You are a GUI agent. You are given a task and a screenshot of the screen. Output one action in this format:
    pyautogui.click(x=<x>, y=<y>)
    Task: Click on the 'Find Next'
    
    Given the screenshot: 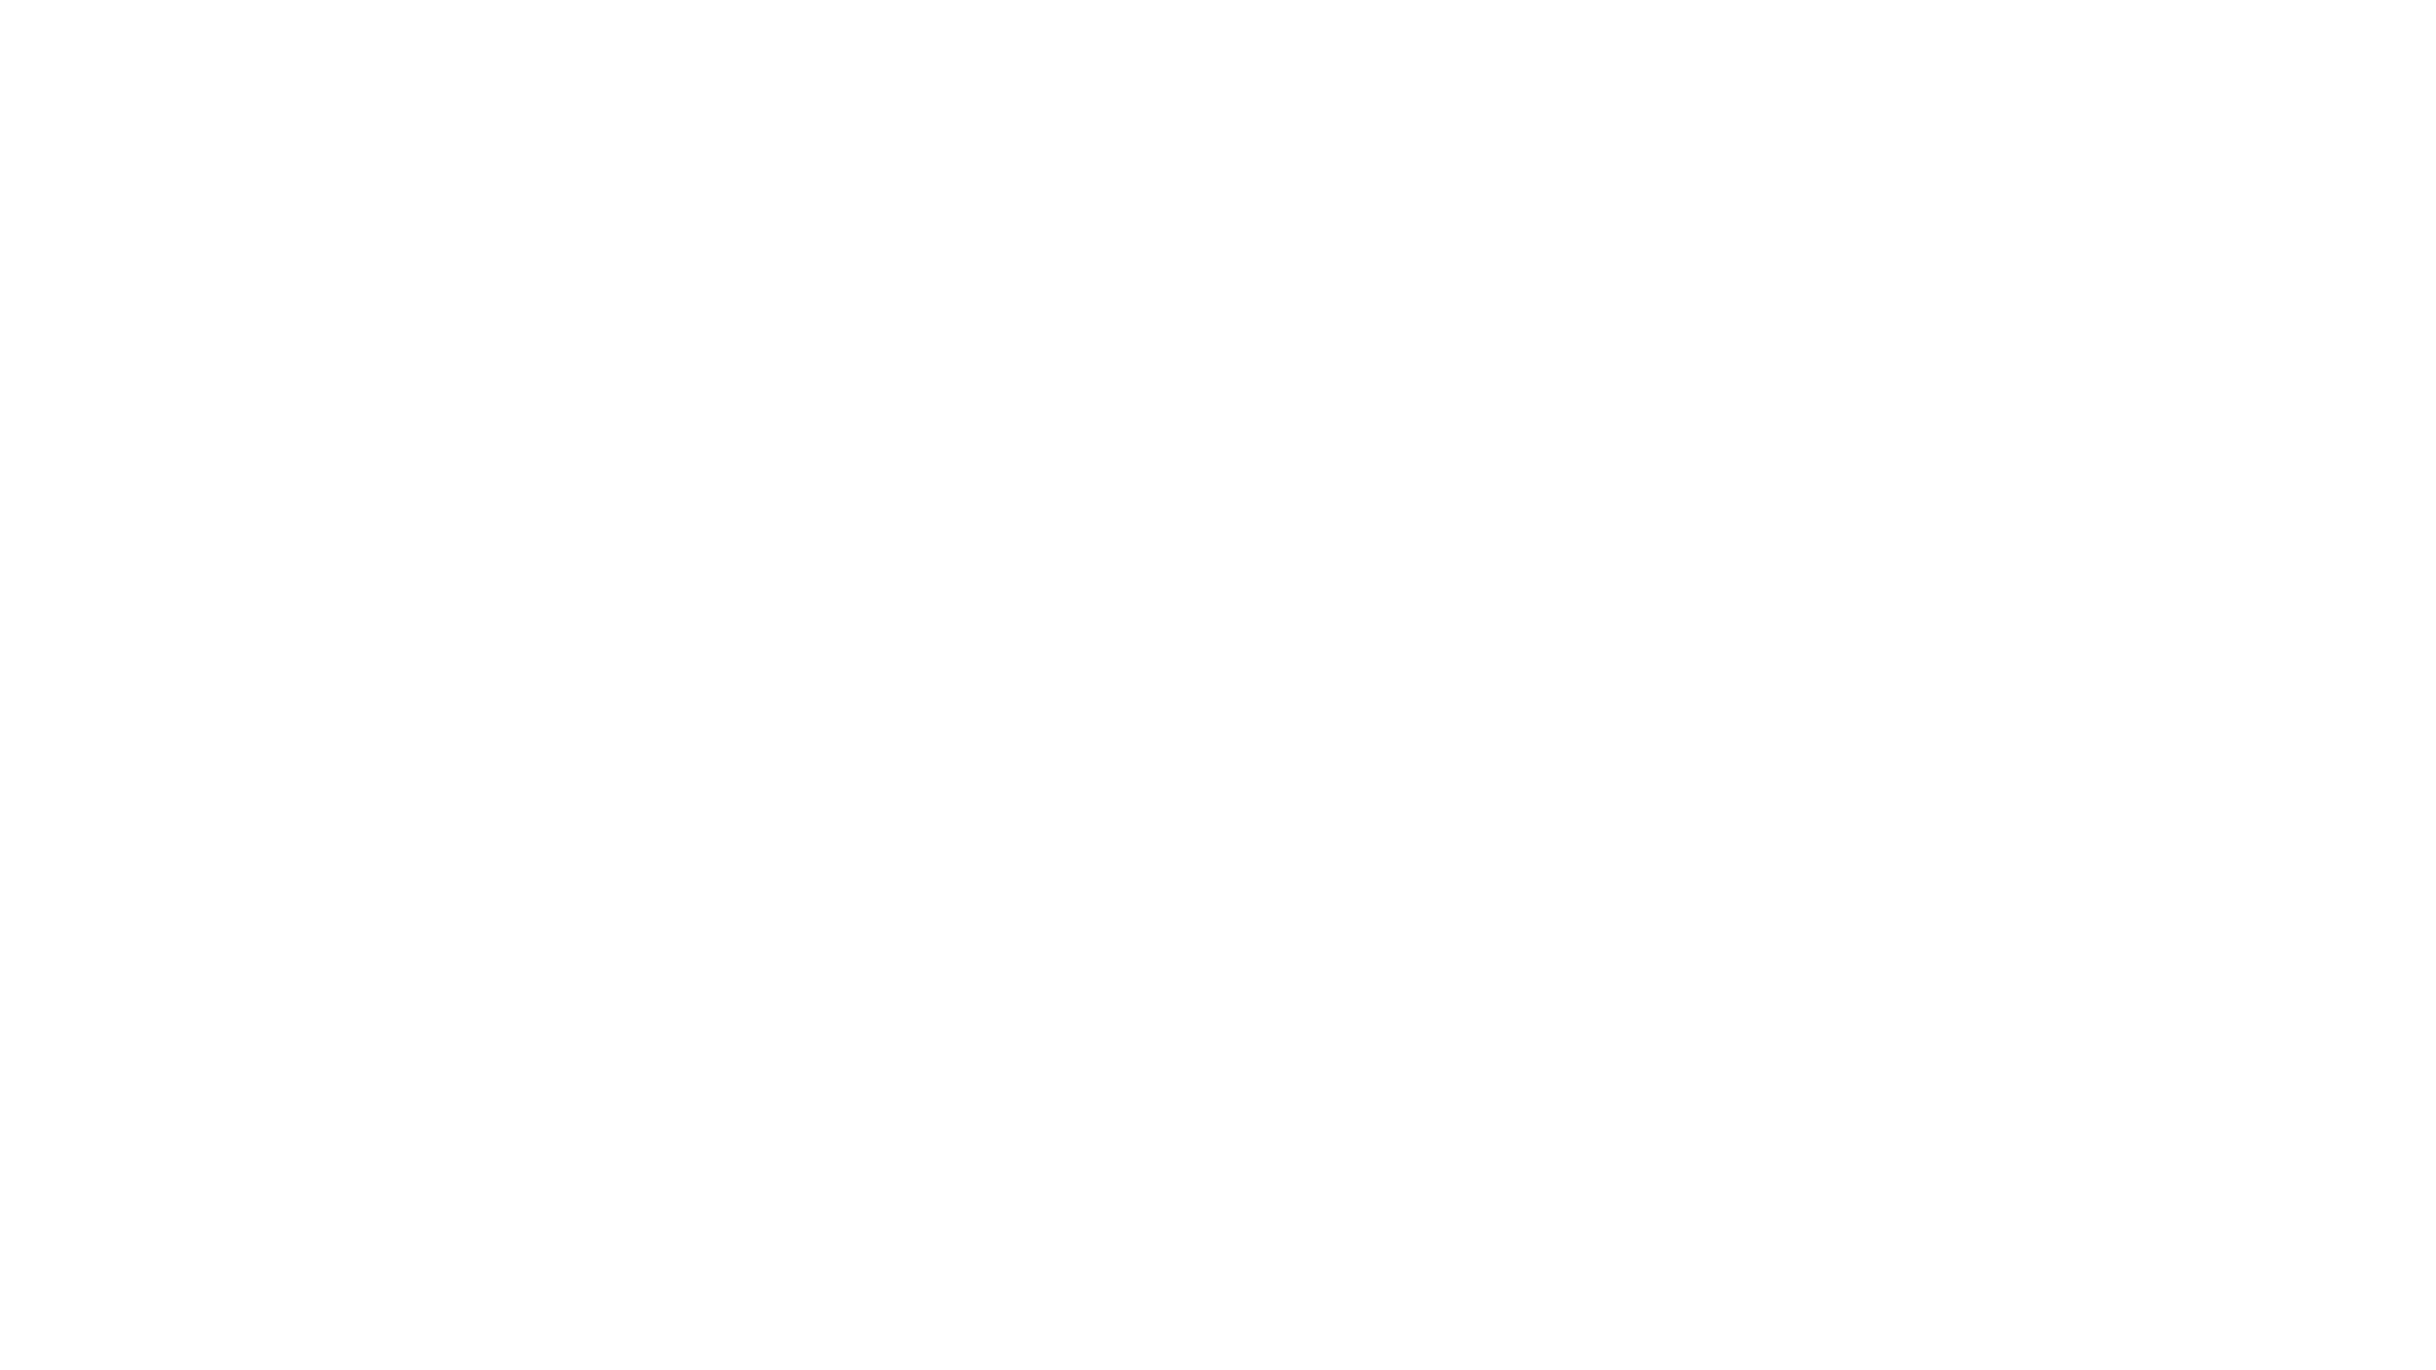 What is the action you would take?
    pyautogui.click(x=1258, y=43)
    